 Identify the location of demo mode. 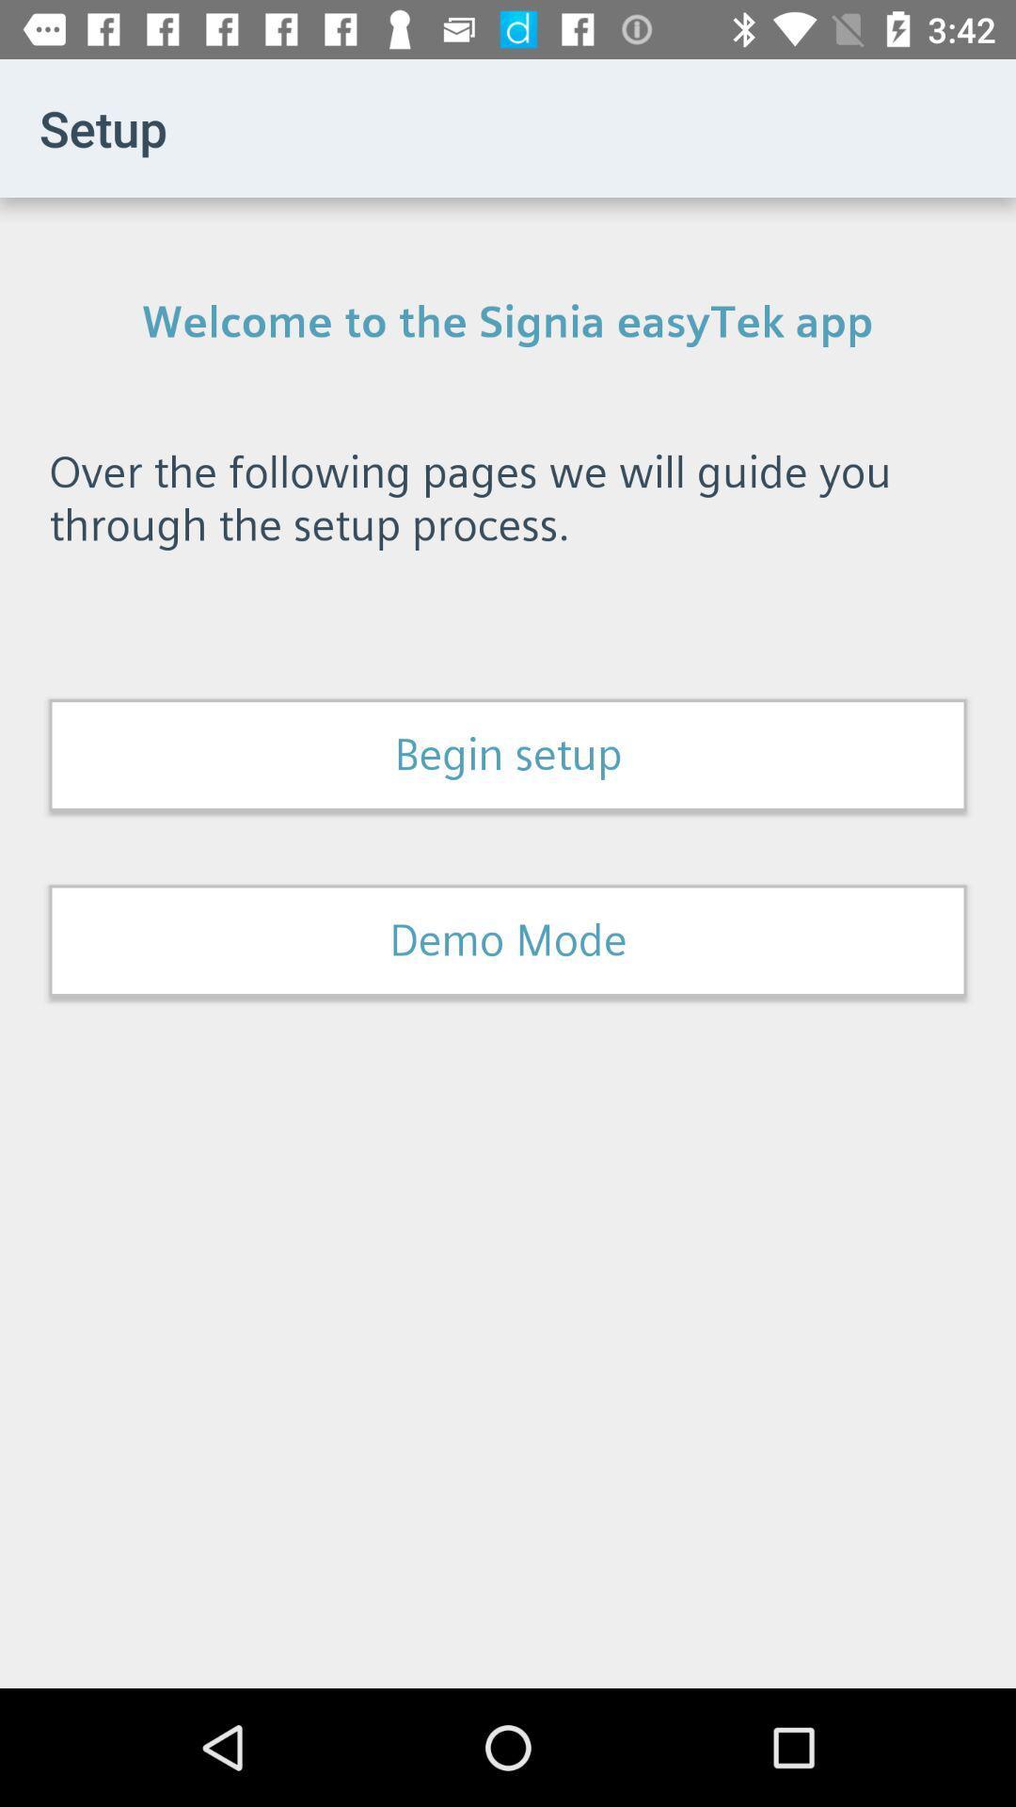
(508, 940).